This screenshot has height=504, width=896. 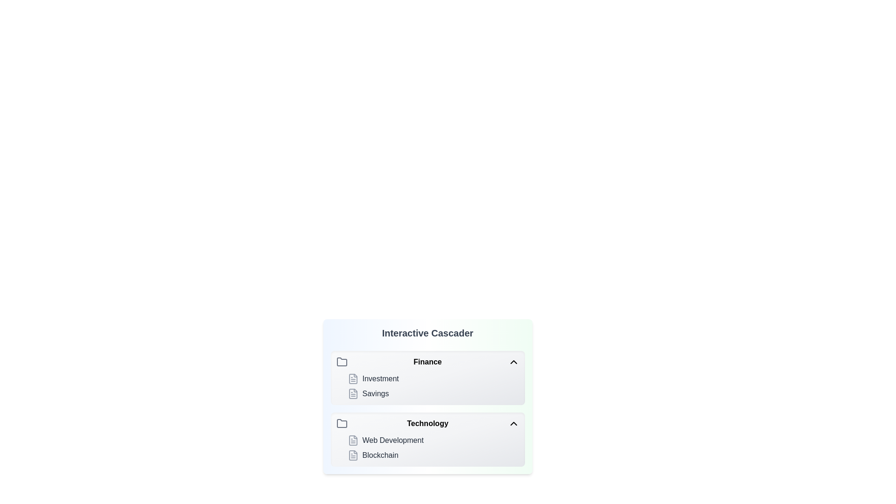 What do you see at coordinates (352, 441) in the screenshot?
I see `the document icon located to the left of the 'Web Development' text in the 'Technology' section of the 'Interactive Cascader'` at bounding box center [352, 441].